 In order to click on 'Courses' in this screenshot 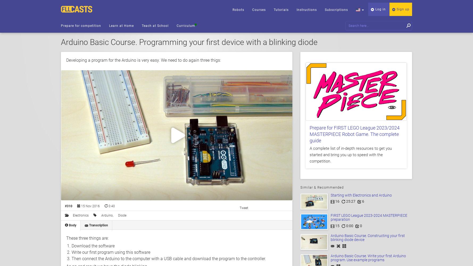, I will do `click(259, 10)`.